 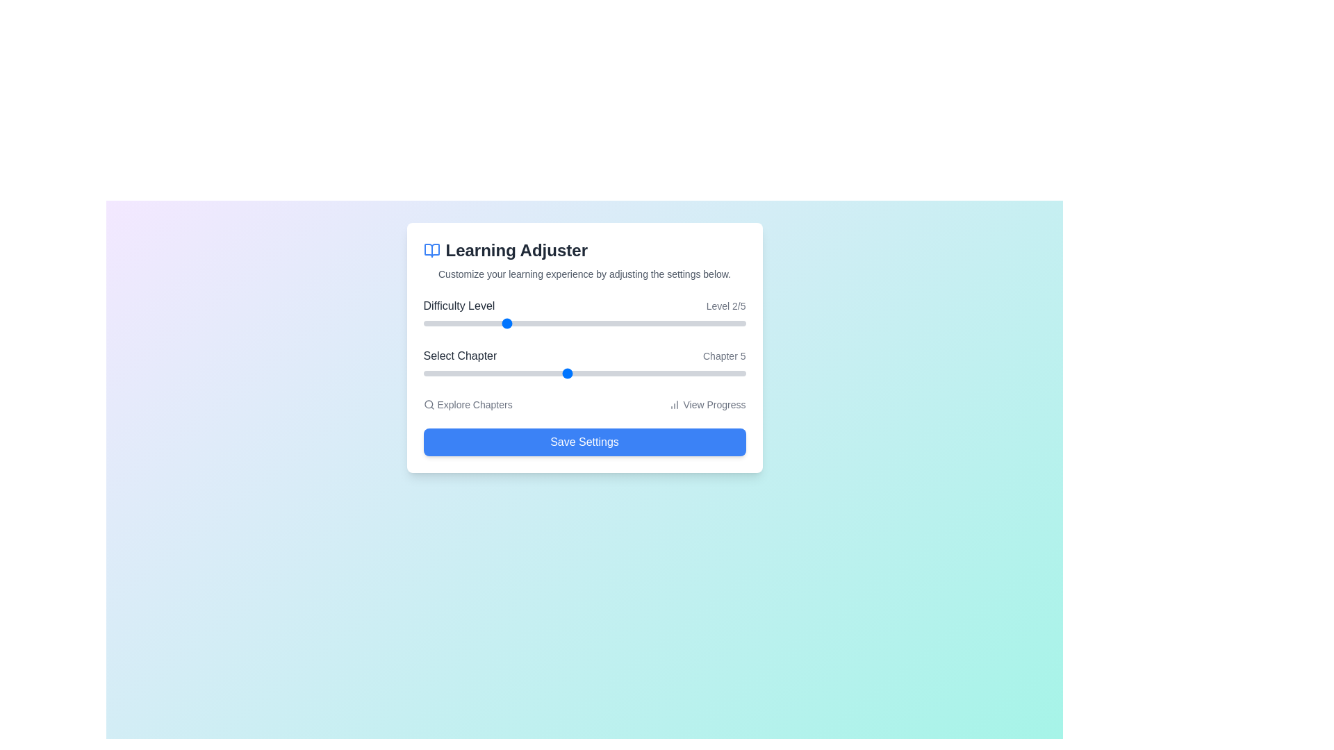 I want to click on the 'Save Settings' button located at the bottom of the 'Learning Adjuster' section, so click(x=584, y=442).